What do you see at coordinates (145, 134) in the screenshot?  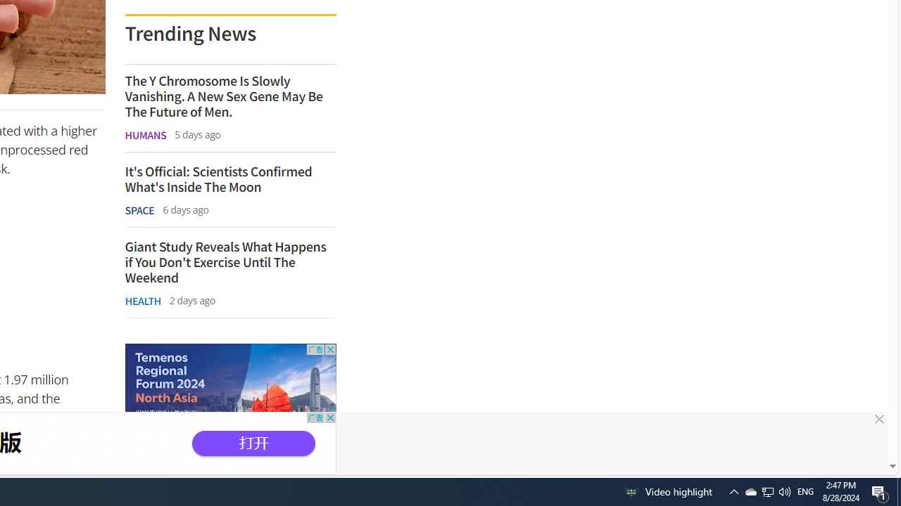 I see `'HUMANS'` at bounding box center [145, 134].